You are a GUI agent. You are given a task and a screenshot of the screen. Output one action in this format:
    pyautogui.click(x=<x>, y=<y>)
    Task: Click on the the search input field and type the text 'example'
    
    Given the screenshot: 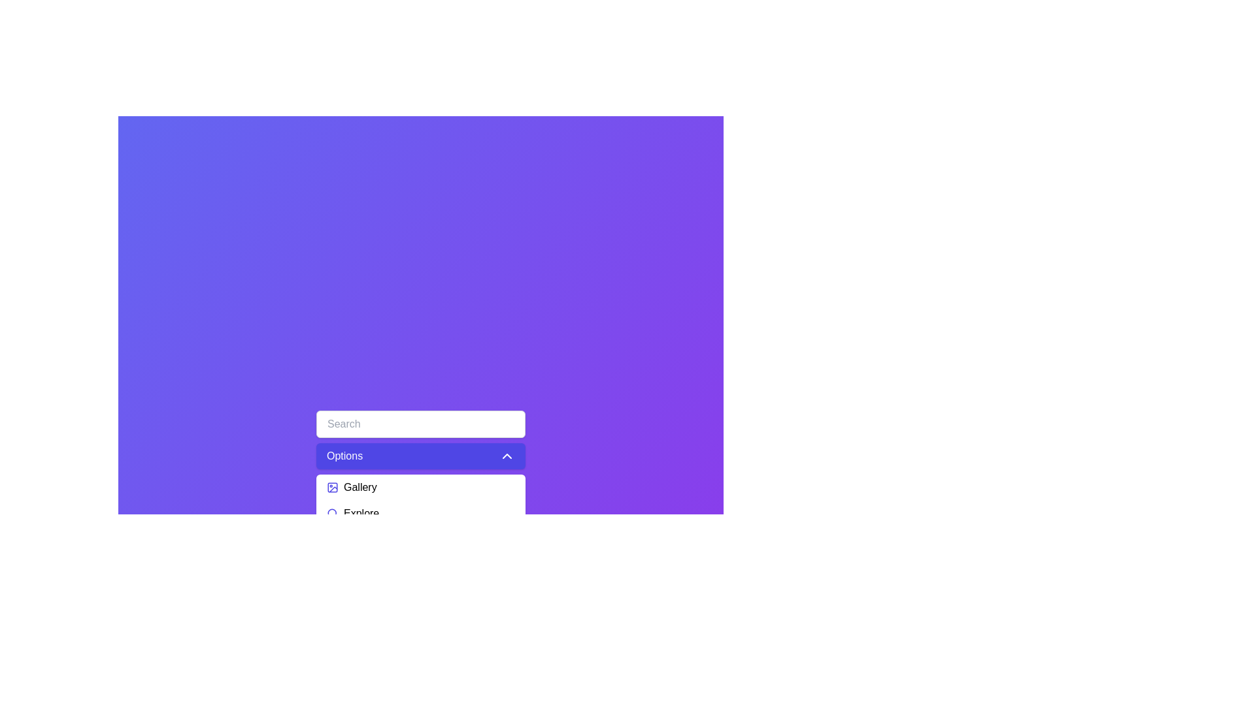 What is the action you would take?
    pyautogui.click(x=420, y=424)
    